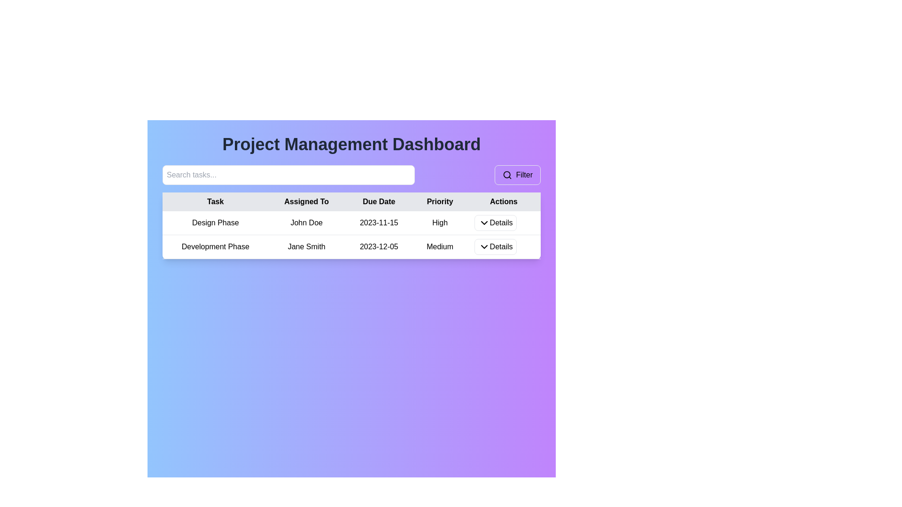  I want to click on the 'Medium' priority text label which indicates the priority level of the associated task in the second row of the table under the 'Priority' column, so click(439, 246).